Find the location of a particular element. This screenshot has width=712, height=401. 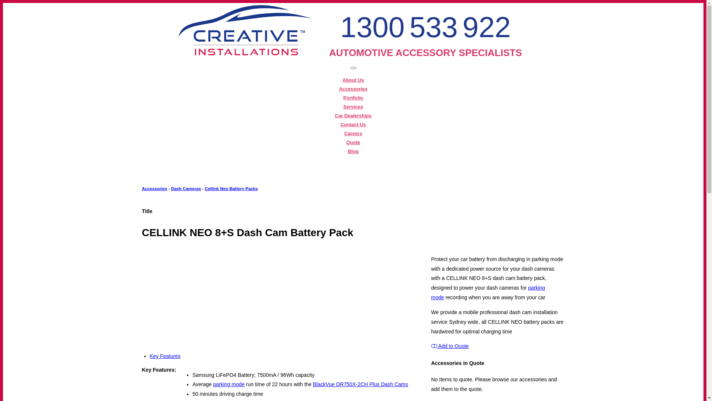

'About Us' is located at coordinates (338, 80).